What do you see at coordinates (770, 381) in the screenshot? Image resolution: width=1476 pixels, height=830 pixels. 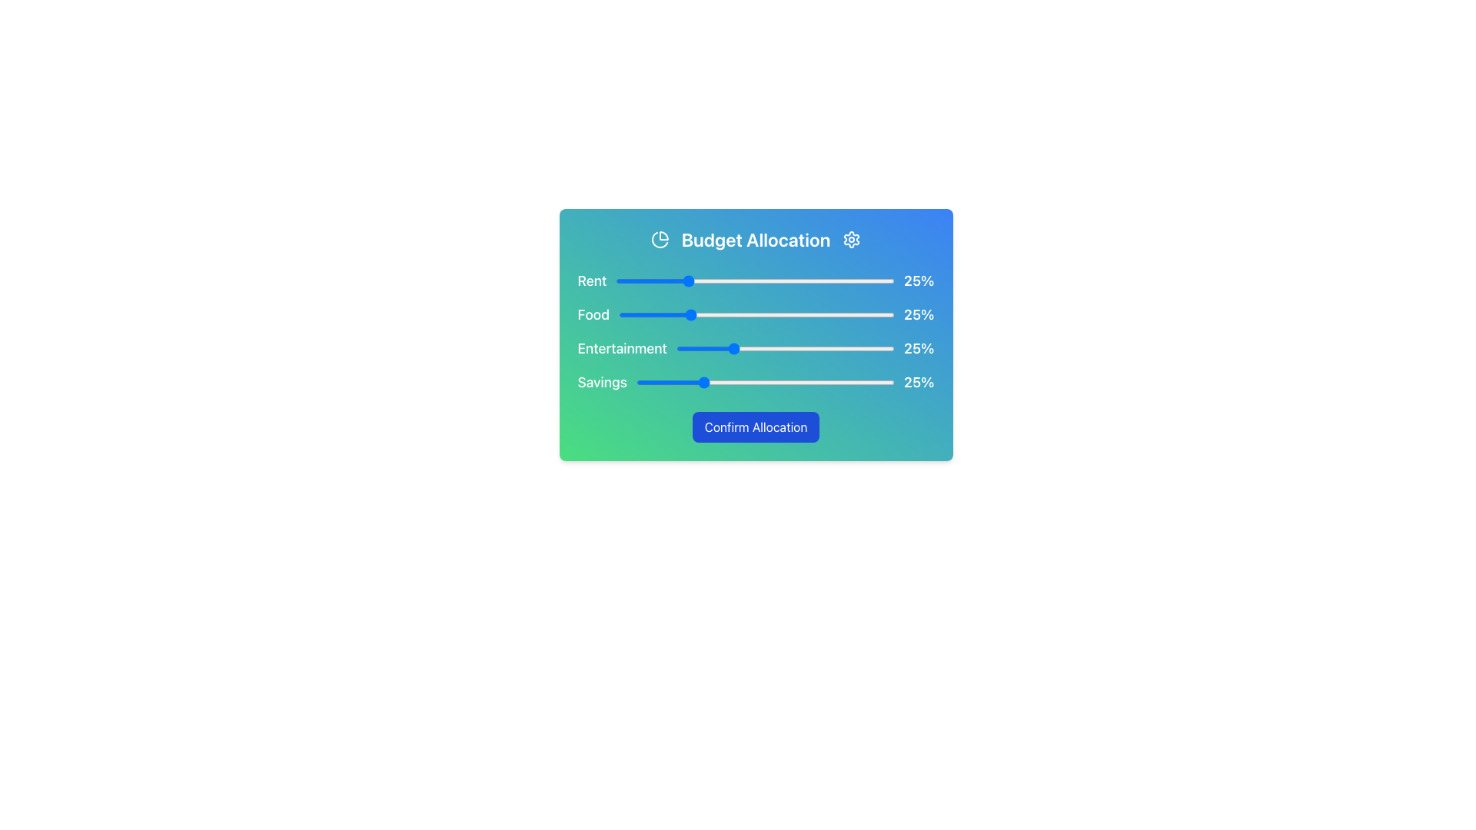 I see `the Savings slider` at bounding box center [770, 381].